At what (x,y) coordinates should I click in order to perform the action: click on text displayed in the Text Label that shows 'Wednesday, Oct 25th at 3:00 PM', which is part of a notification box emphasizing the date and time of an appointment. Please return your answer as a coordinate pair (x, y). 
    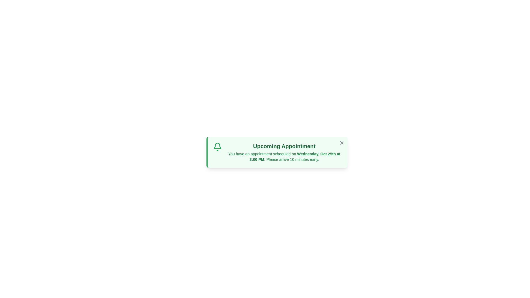
    Looking at the image, I should click on (295, 156).